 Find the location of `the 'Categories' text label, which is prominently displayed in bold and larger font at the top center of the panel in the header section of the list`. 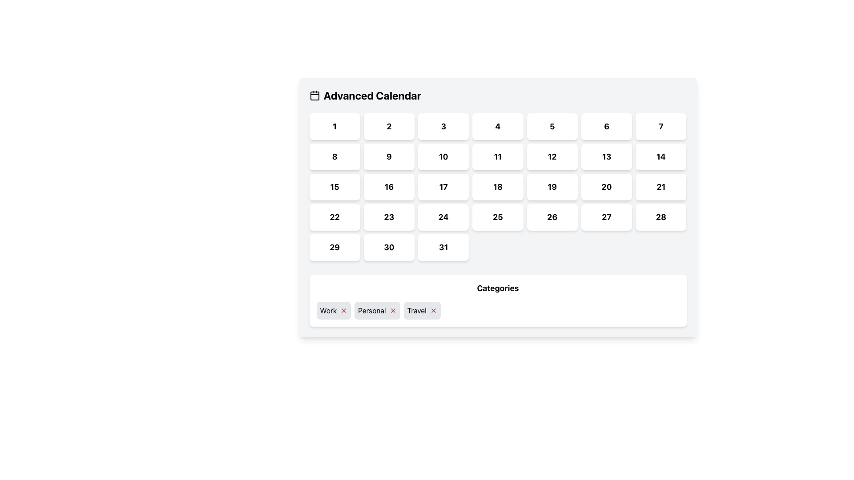

the 'Categories' text label, which is prominently displayed in bold and larger font at the top center of the panel in the header section of the list is located at coordinates (497, 288).